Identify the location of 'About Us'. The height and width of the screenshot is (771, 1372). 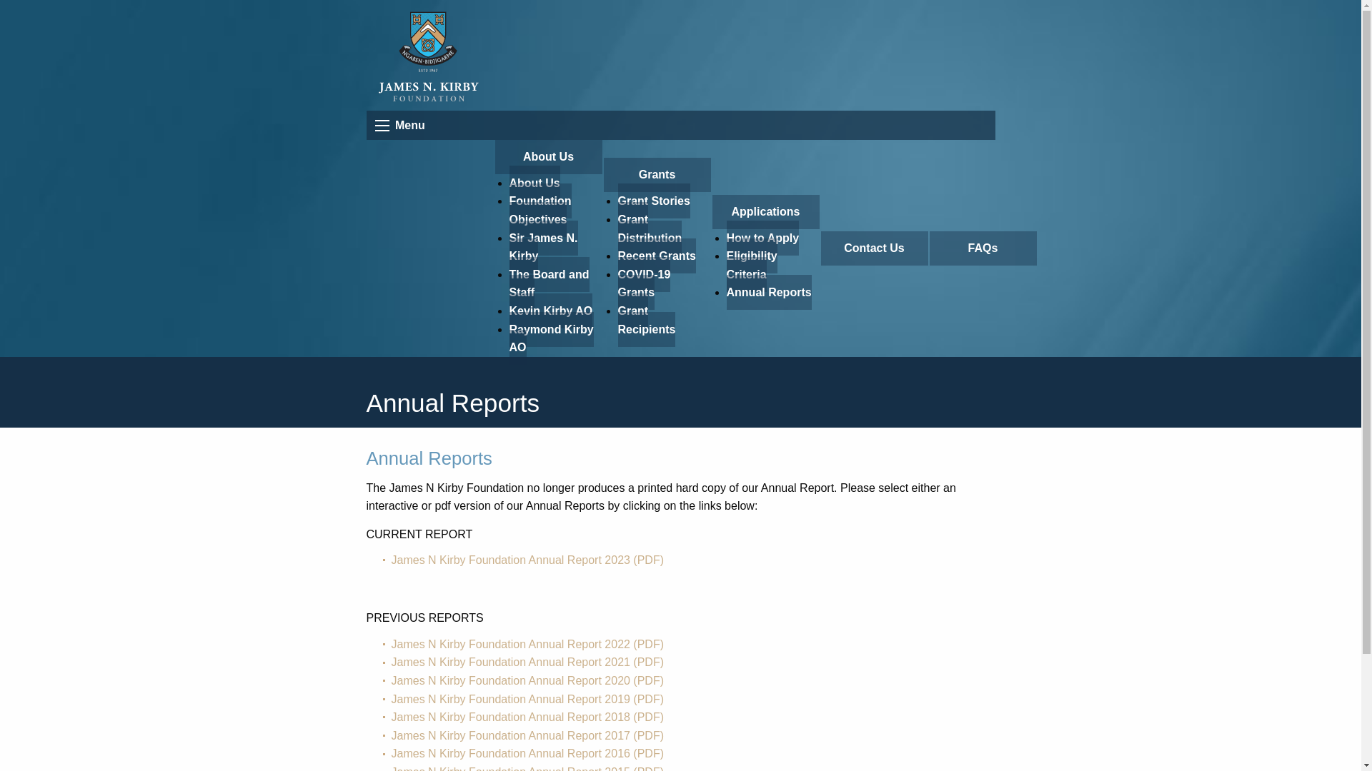
(533, 182).